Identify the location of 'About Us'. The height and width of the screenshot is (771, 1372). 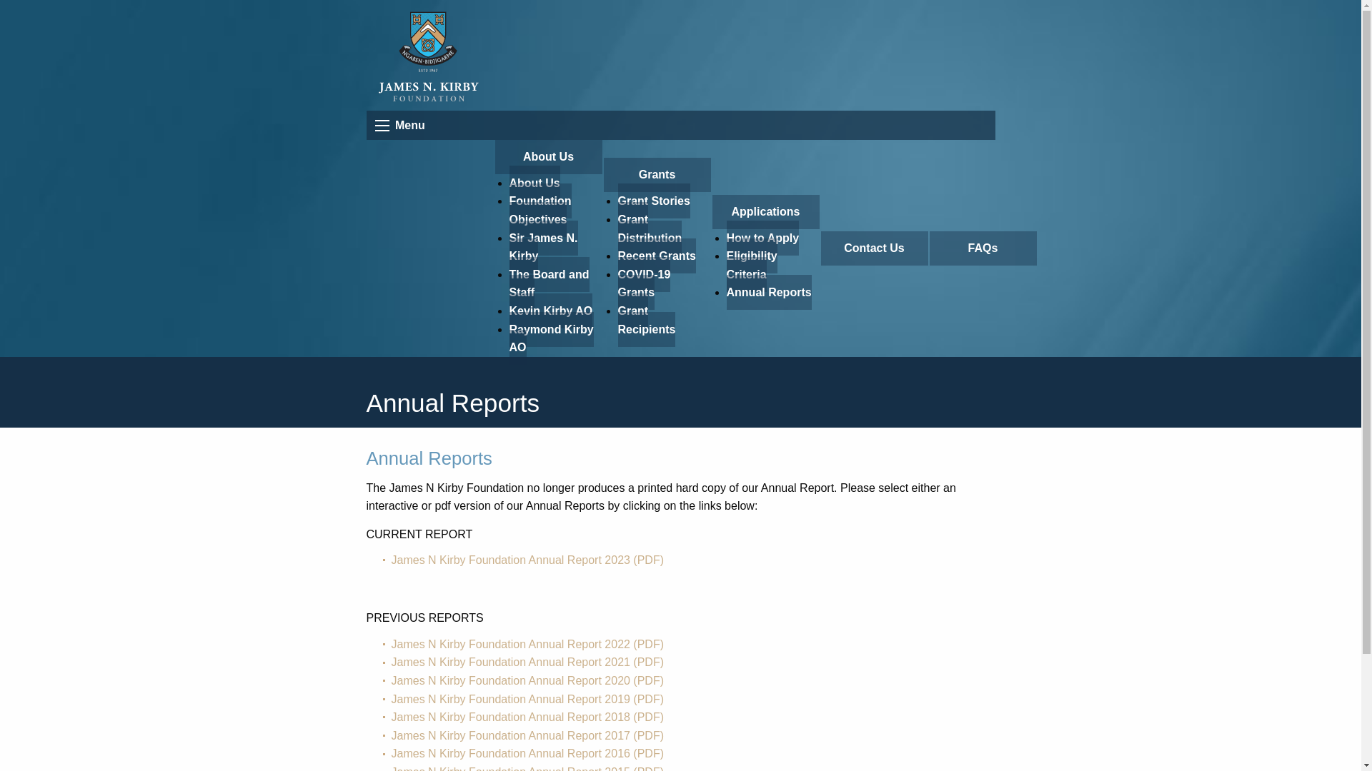
(533, 182).